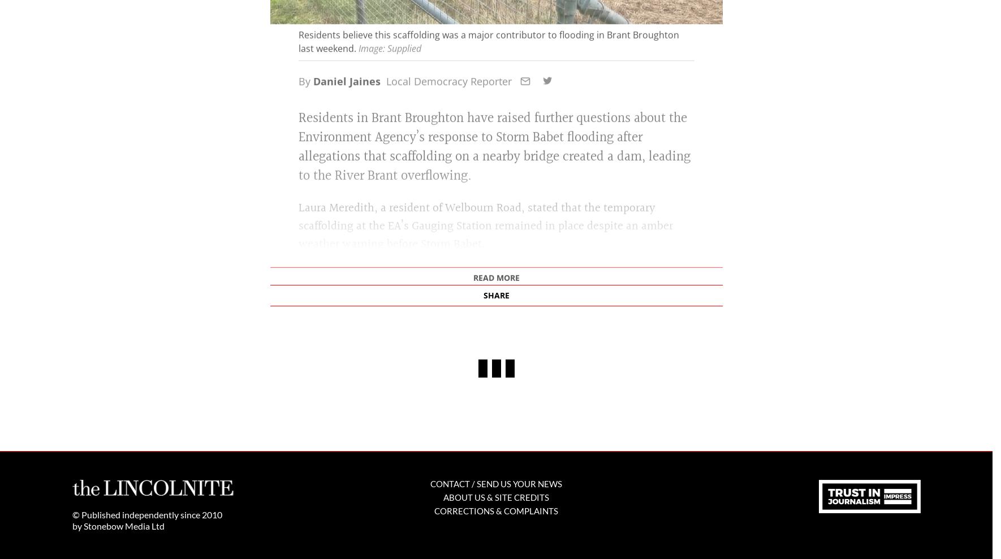  What do you see at coordinates (496, 502) in the screenshot?
I see `'About Us & Site Credits'` at bounding box center [496, 502].